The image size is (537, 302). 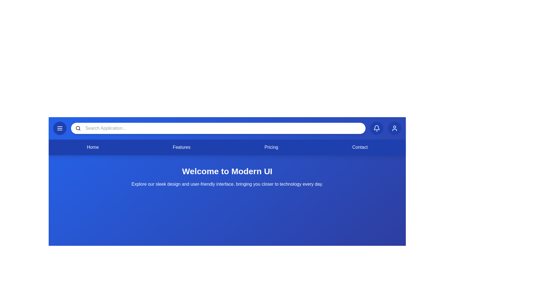 I want to click on notification button to view alerts, so click(x=377, y=128).